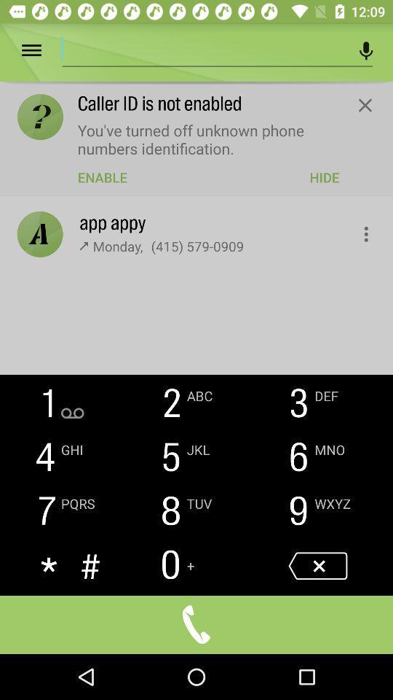 This screenshot has width=393, height=700. Describe the element at coordinates (365, 50) in the screenshot. I see `voice search` at that location.